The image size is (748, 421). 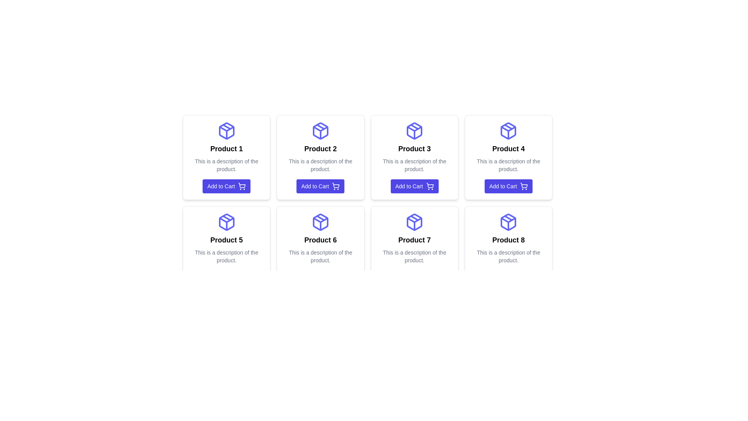 I want to click on the 'Add to Cart' button, which is a rectangular button styled with a blue background and white bold text located at the bottom of the card for 'Product 1', so click(x=226, y=186).